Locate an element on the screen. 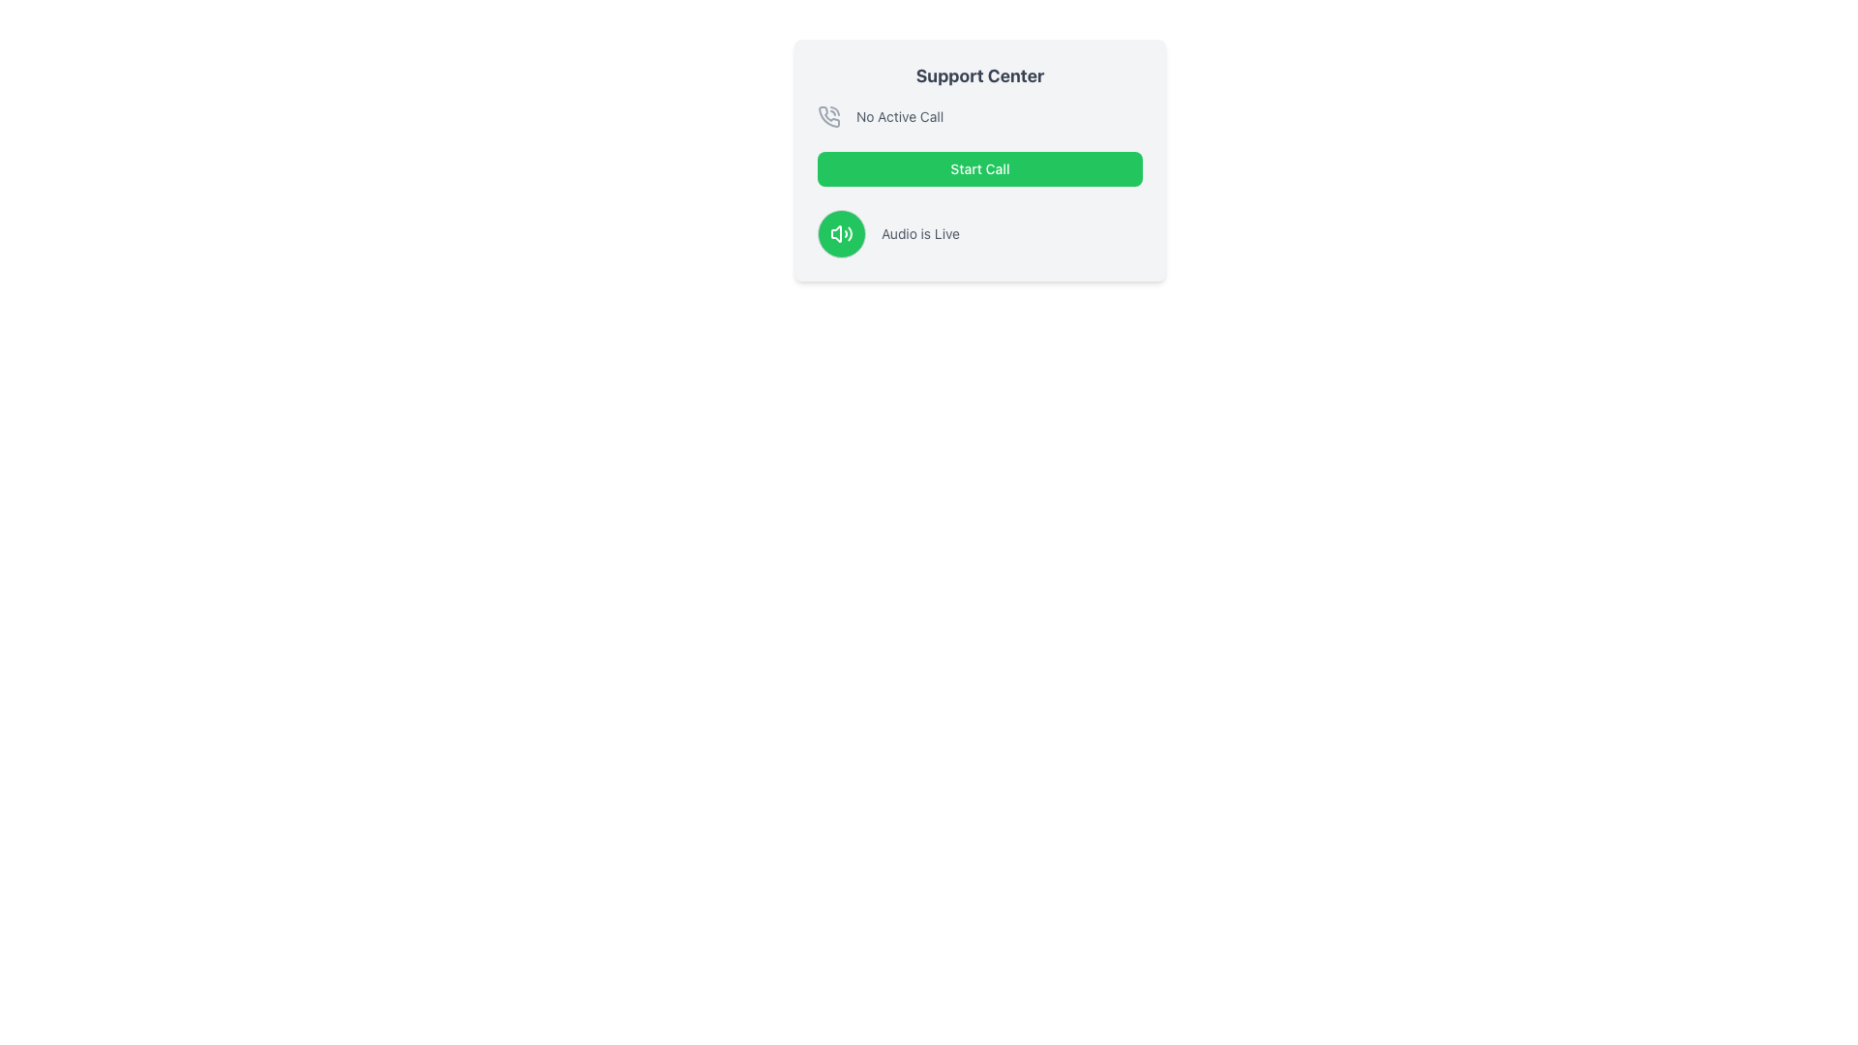 The image size is (1858, 1045). the status label indicating that the audio is live, which is located to the right of the green circular badge with a speaker icon in the 'Support Center' section is located at coordinates (919, 233).